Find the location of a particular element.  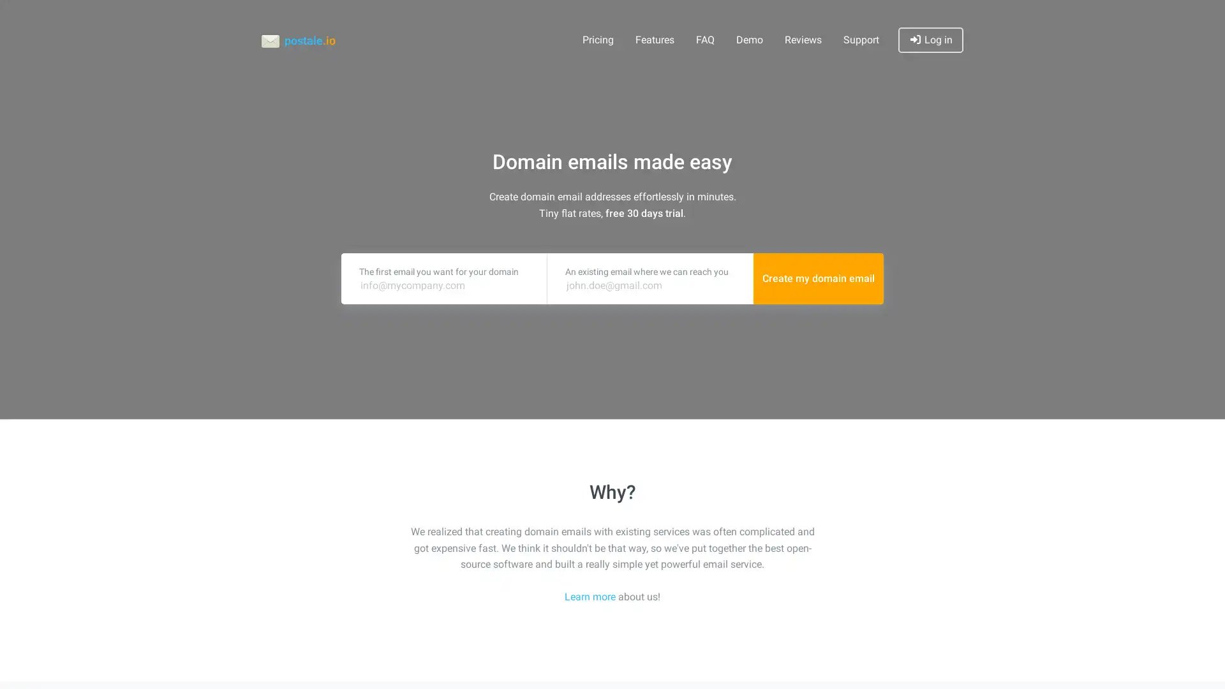

Create my domain email is located at coordinates (818, 278).